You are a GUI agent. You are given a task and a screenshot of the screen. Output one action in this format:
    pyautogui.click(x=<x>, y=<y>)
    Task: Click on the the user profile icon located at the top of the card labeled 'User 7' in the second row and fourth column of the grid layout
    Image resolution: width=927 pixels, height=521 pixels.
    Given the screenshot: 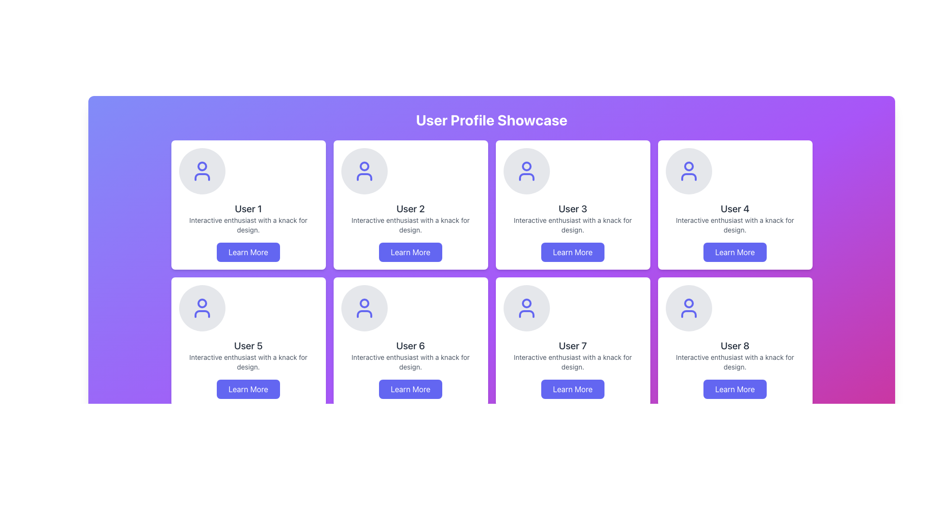 What is the action you would take?
    pyautogui.click(x=526, y=308)
    